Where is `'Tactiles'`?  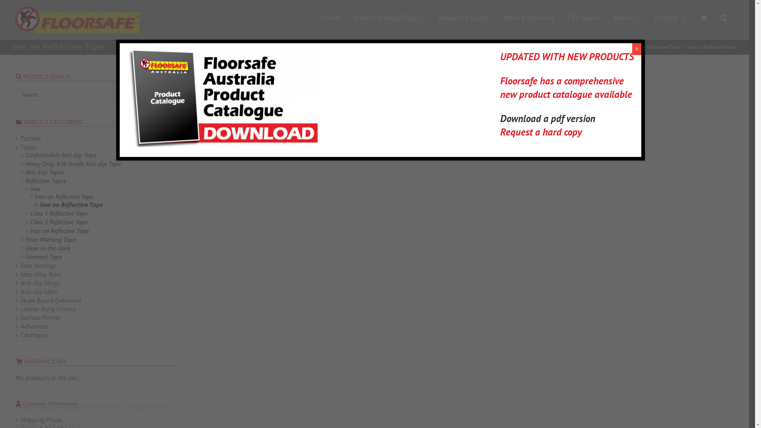 'Tactiles' is located at coordinates (21, 138).